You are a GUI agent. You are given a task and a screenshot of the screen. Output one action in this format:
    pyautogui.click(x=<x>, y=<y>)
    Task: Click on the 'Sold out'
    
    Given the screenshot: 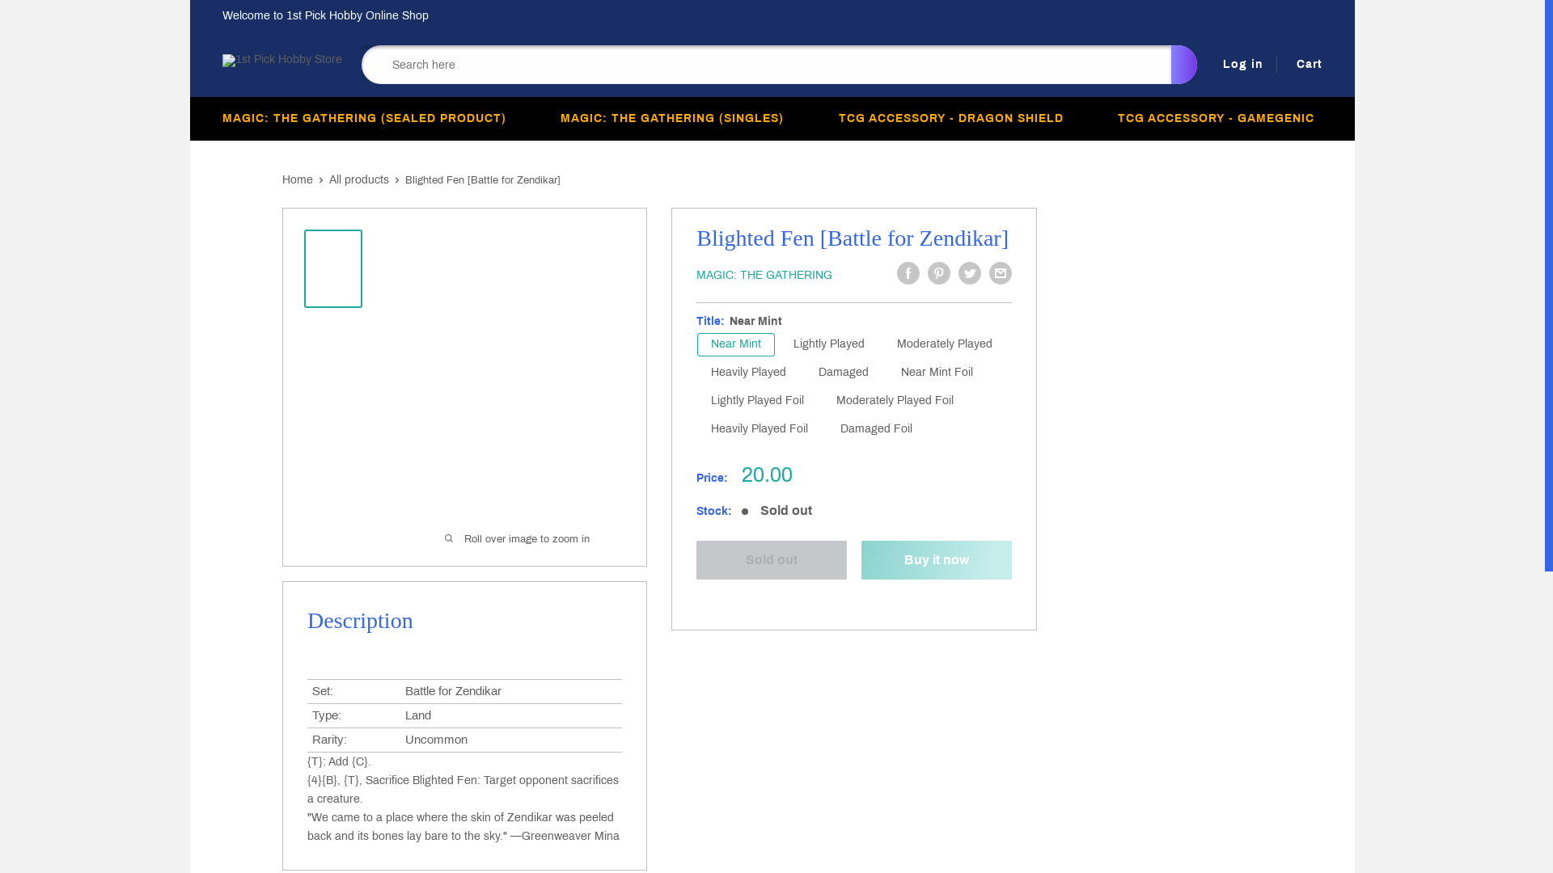 What is the action you would take?
    pyautogui.click(x=771, y=559)
    